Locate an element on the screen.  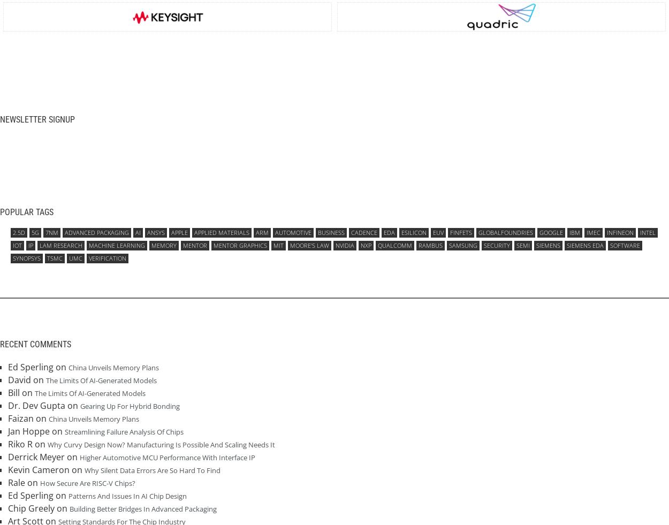
'advanced packaging' is located at coordinates (97, 232).